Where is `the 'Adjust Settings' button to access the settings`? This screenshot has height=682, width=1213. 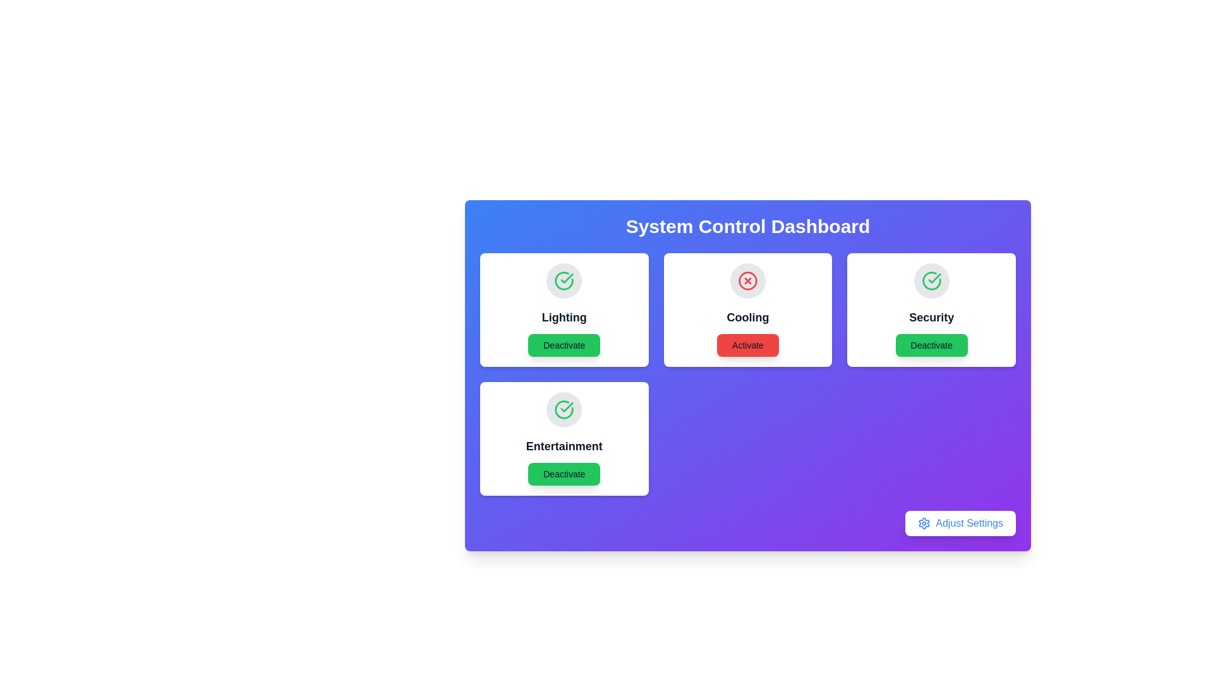 the 'Adjust Settings' button to access the settings is located at coordinates (960, 523).